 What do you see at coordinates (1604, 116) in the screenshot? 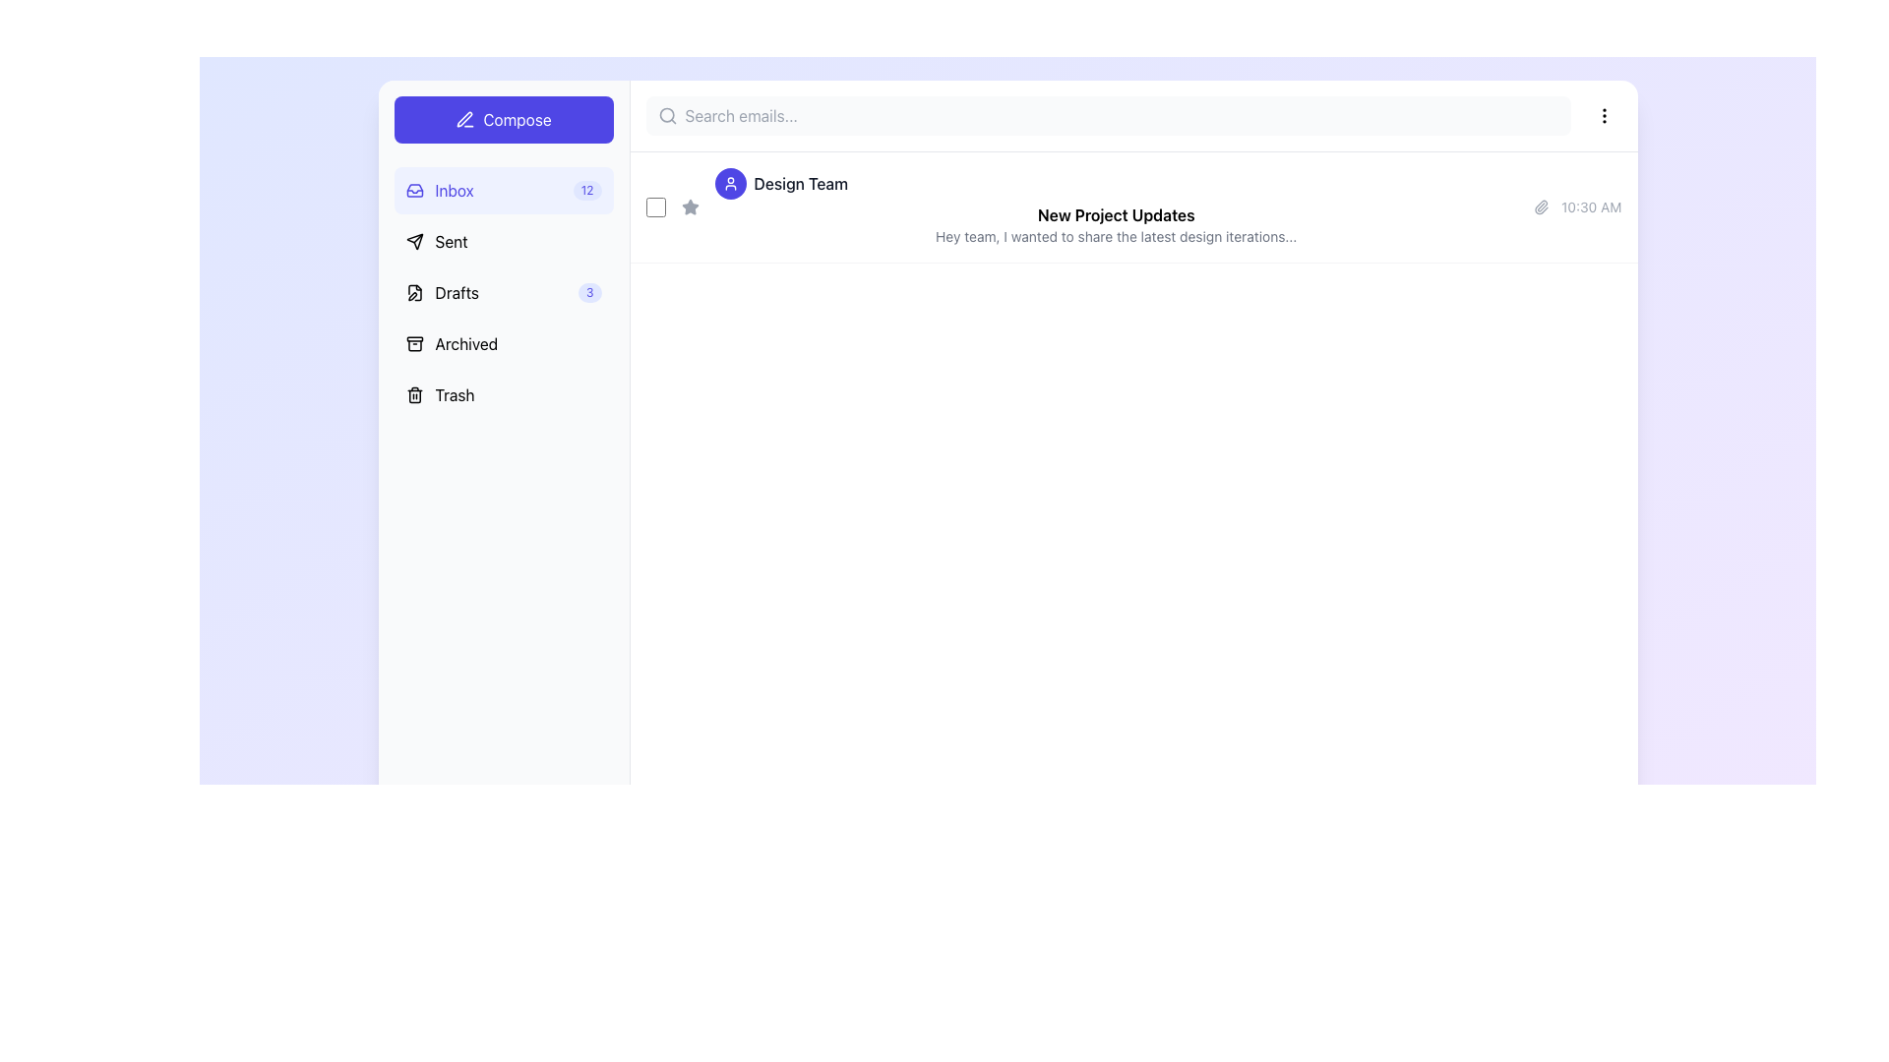
I see `the vertical ellipsis menu icon button in the upper right corner` at bounding box center [1604, 116].